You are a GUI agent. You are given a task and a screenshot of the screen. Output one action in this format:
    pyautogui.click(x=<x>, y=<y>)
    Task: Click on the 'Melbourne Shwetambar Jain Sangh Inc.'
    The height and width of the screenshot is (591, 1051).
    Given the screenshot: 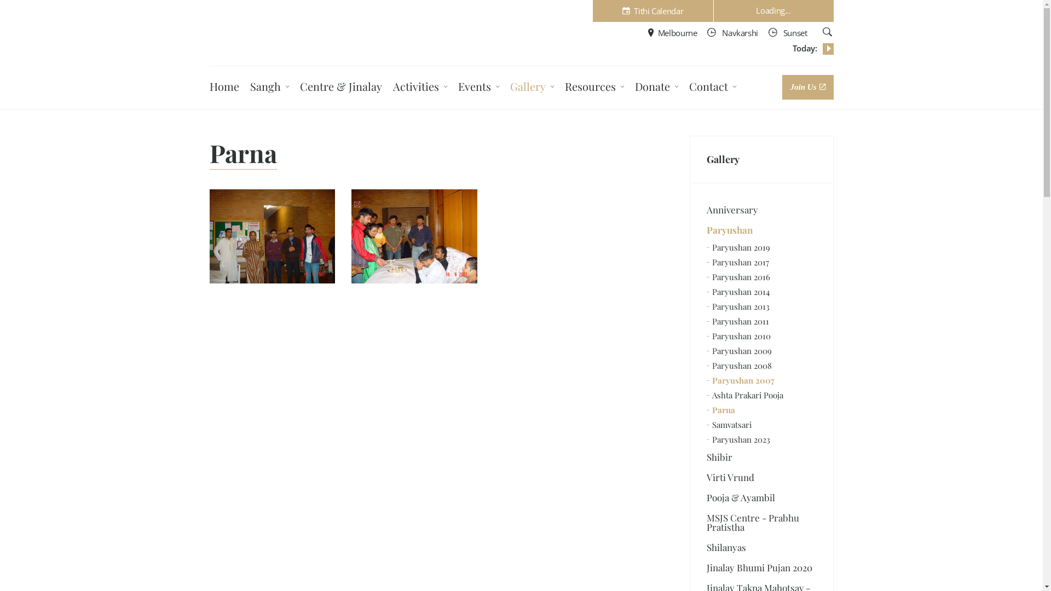 What is the action you would take?
    pyautogui.click(x=268, y=31)
    